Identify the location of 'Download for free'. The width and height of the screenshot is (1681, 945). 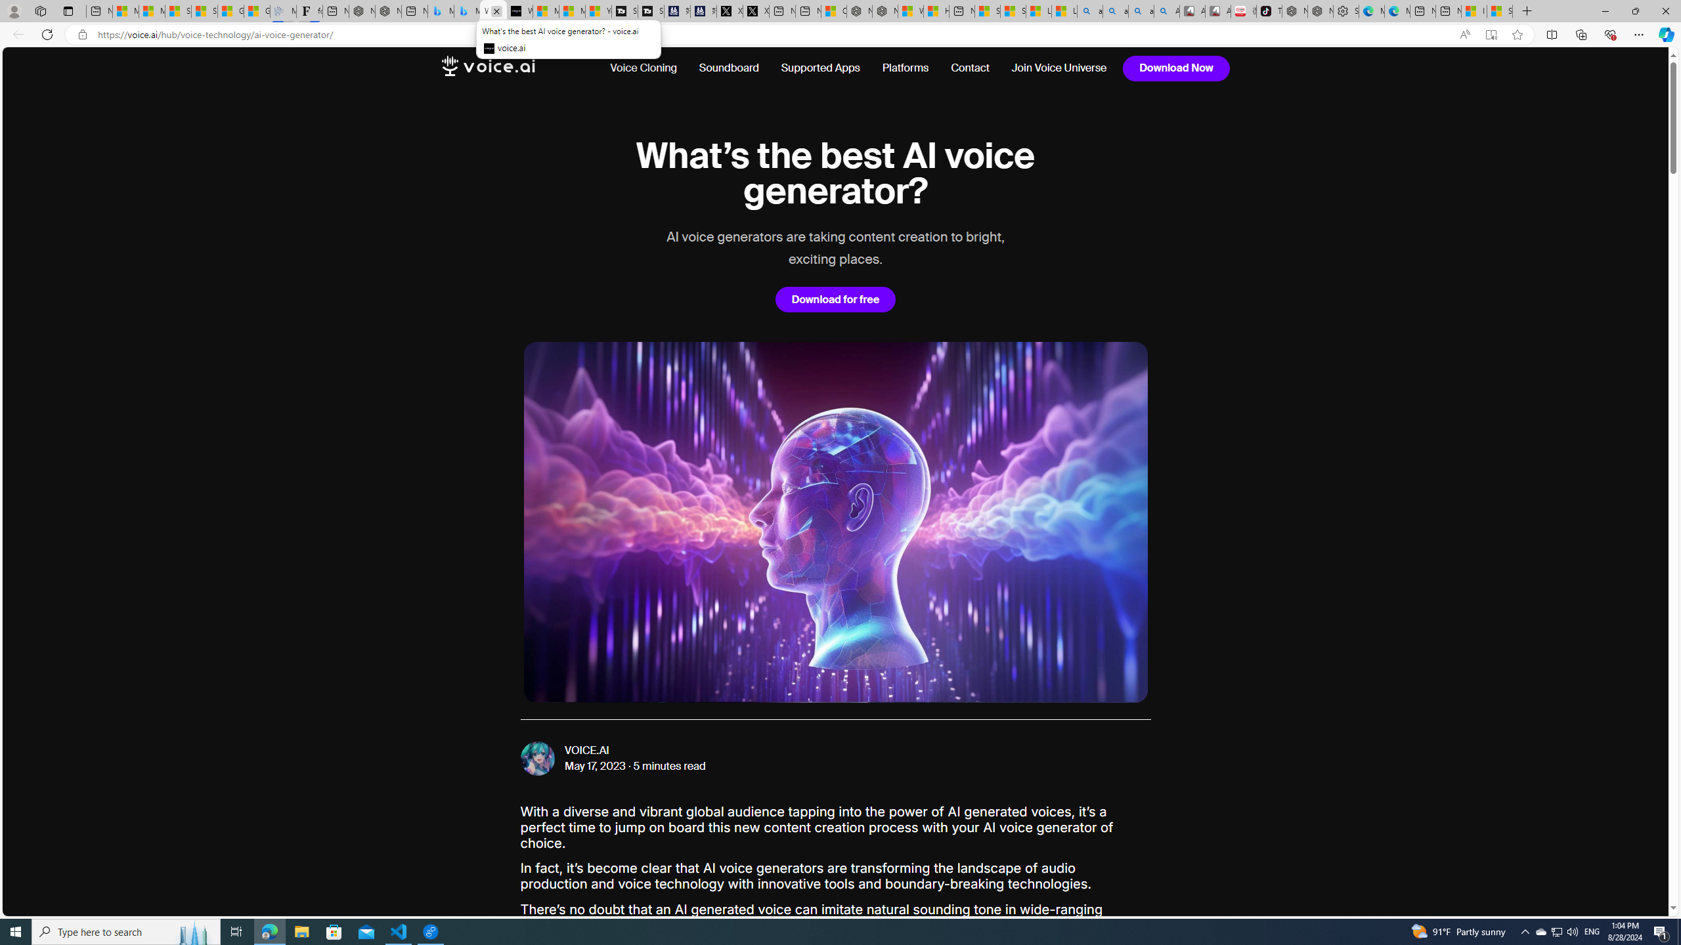
(835, 299).